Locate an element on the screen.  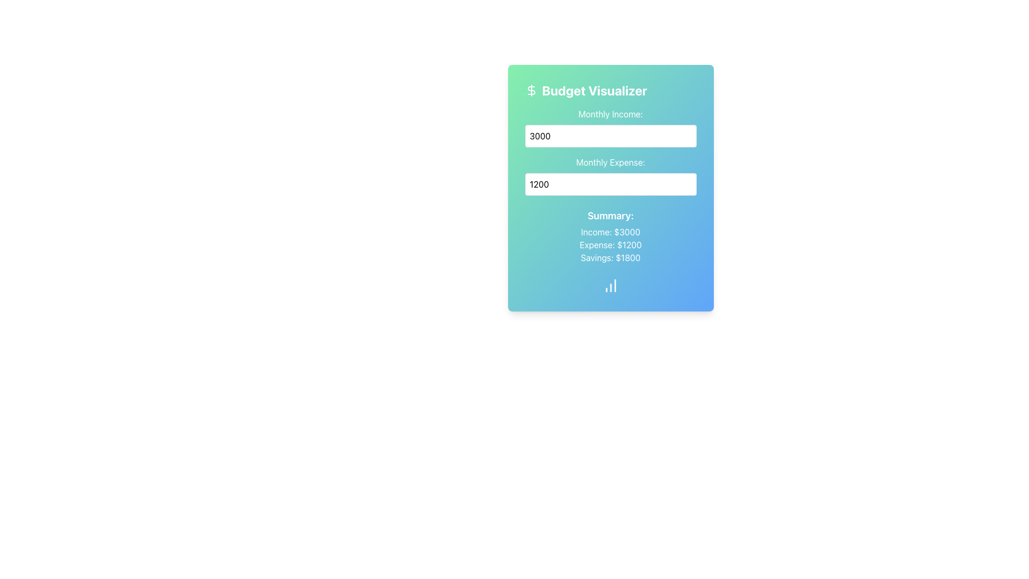
the text label 'Summary:' which is displayed in a bold, large white font against a gradient background transitioning from green to blue is located at coordinates (610, 216).